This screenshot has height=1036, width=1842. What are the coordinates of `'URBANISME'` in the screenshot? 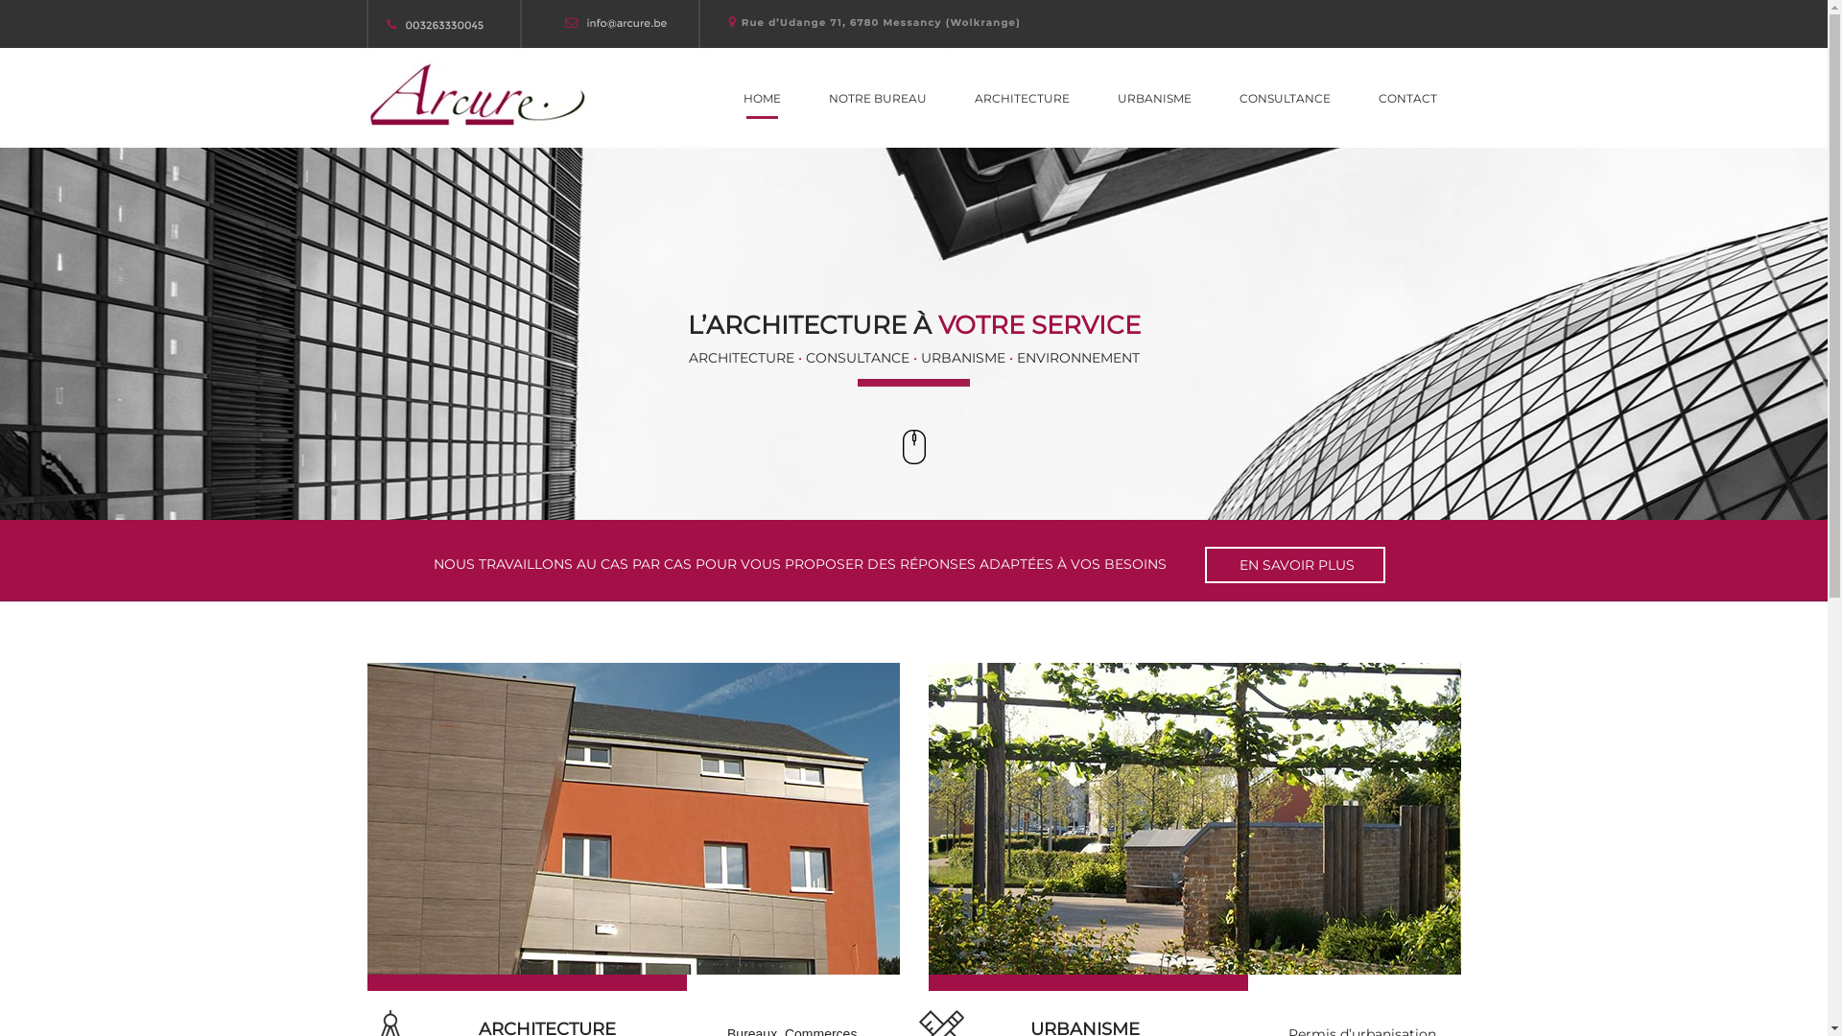 It's located at (1094, 99).